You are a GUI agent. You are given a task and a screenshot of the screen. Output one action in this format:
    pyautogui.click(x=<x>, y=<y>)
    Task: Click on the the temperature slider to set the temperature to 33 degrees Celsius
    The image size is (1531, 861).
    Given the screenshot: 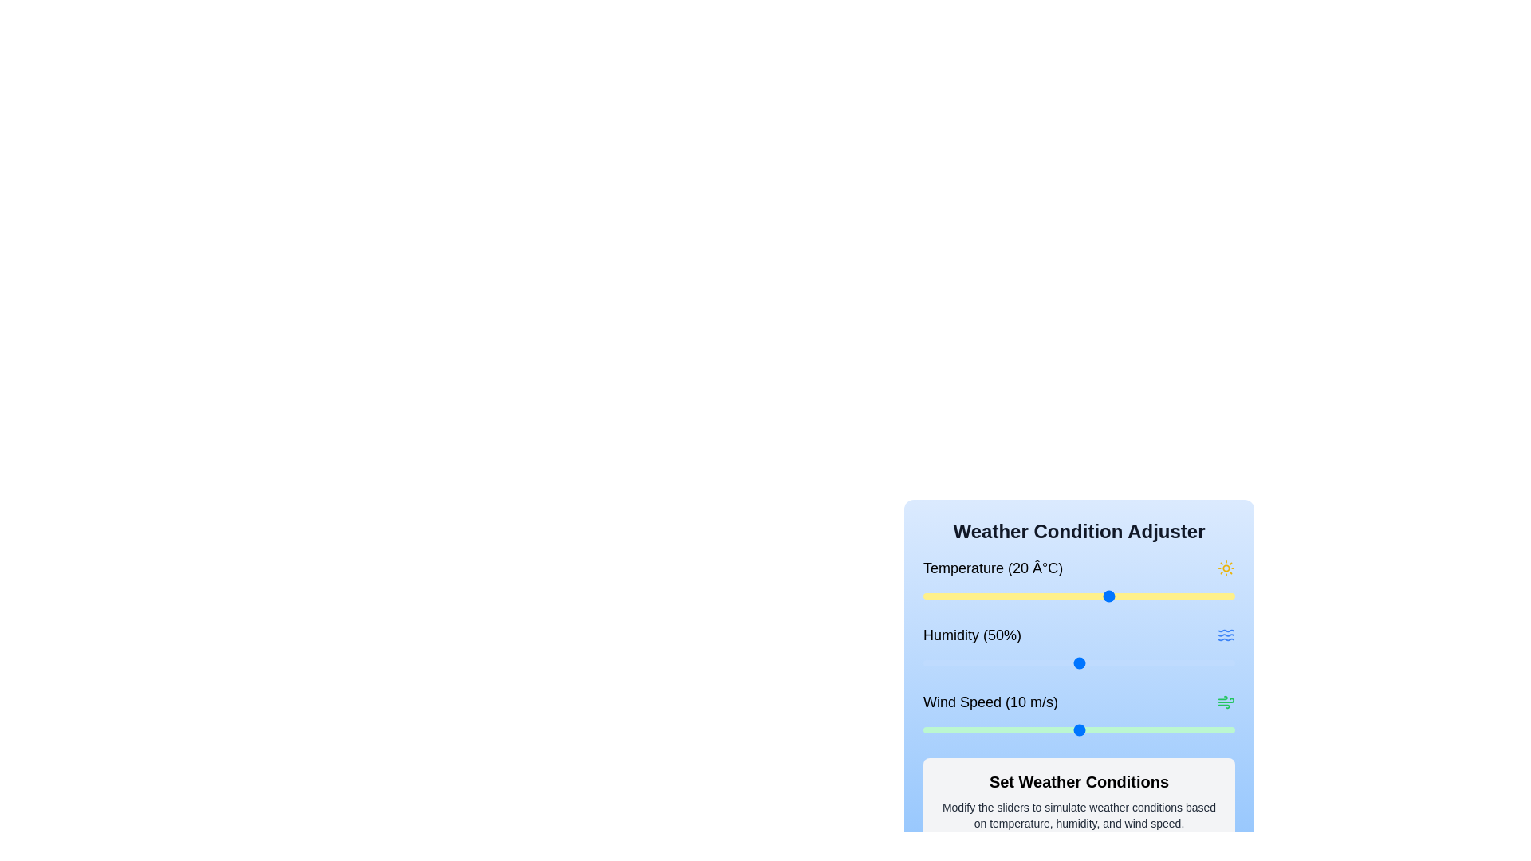 What is the action you would take?
    pyautogui.click(x=1191, y=596)
    